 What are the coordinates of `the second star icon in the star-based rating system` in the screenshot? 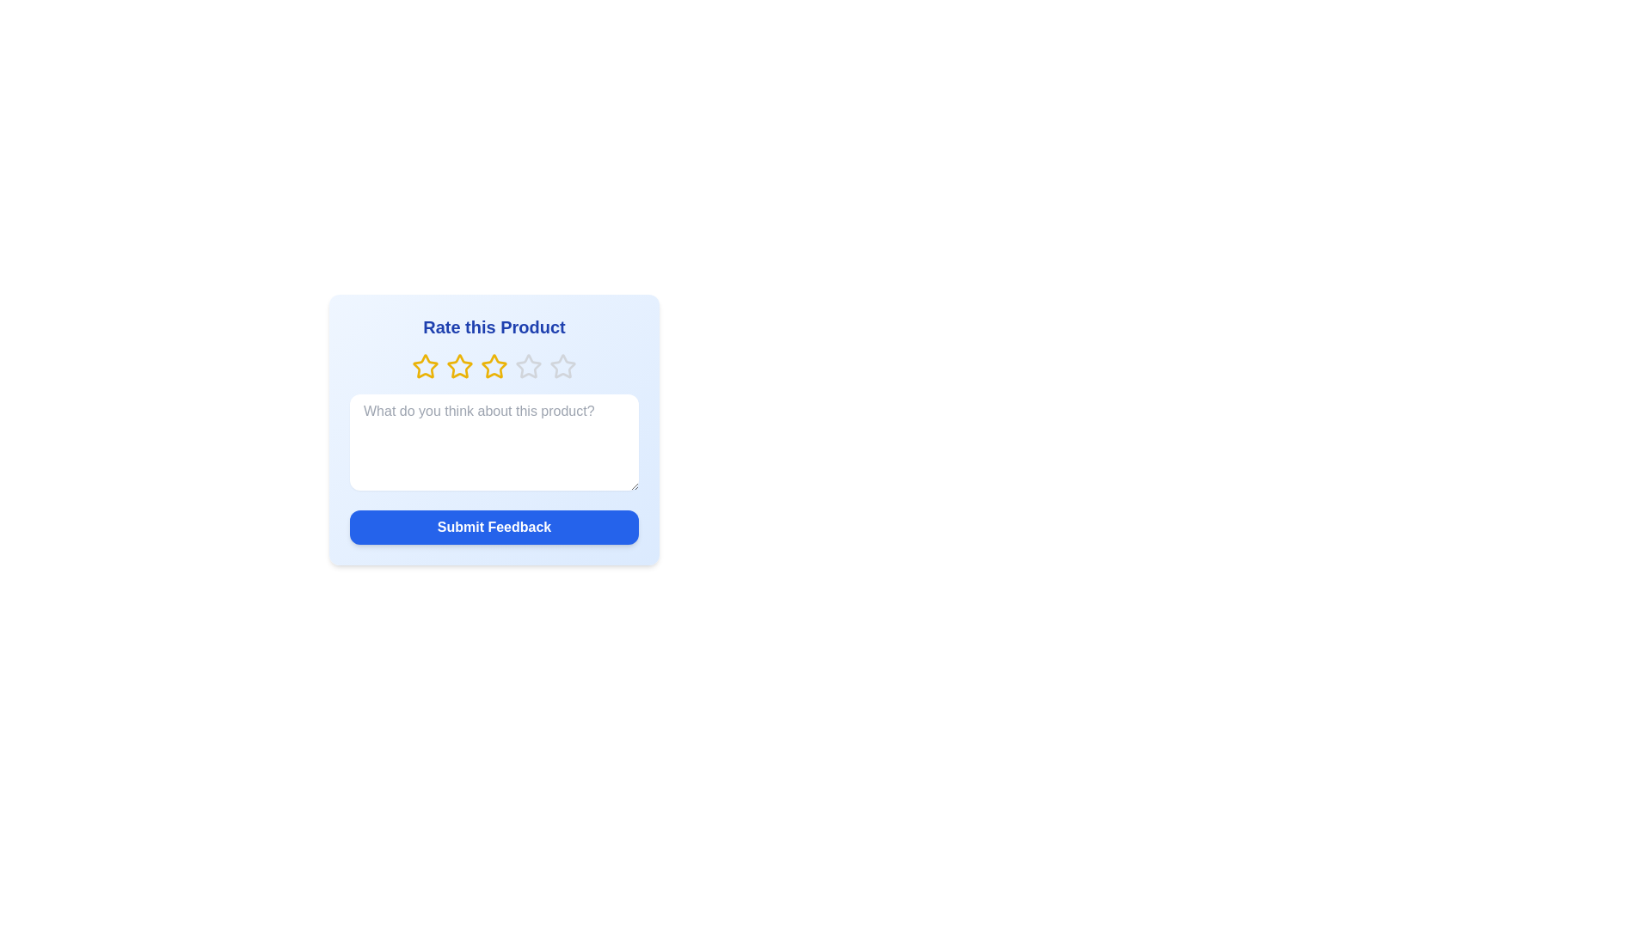 It's located at (493, 364).